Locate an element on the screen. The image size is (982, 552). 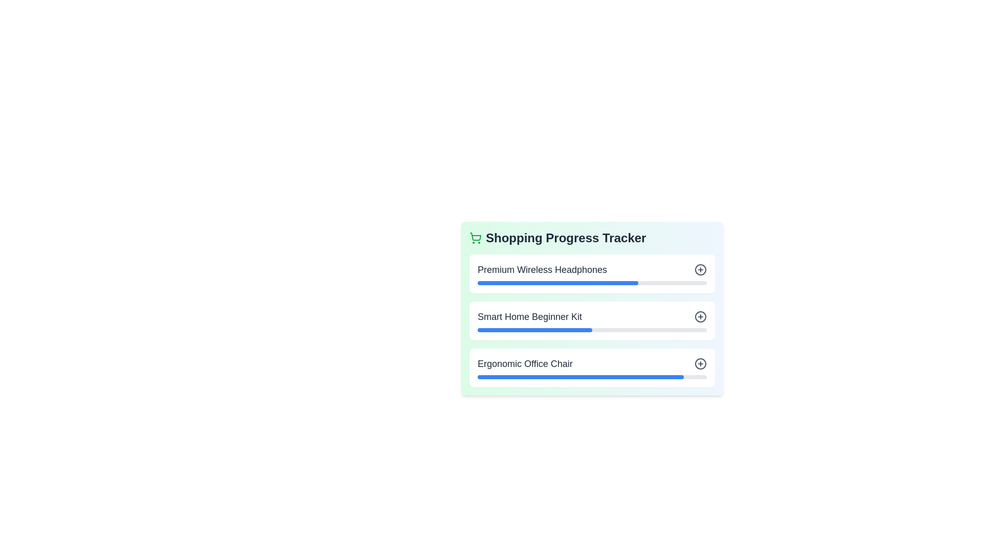
the text 'Premium Wireless Headphones' in the first row of the 'Shopping Progress Tracker' card is located at coordinates (592, 269).